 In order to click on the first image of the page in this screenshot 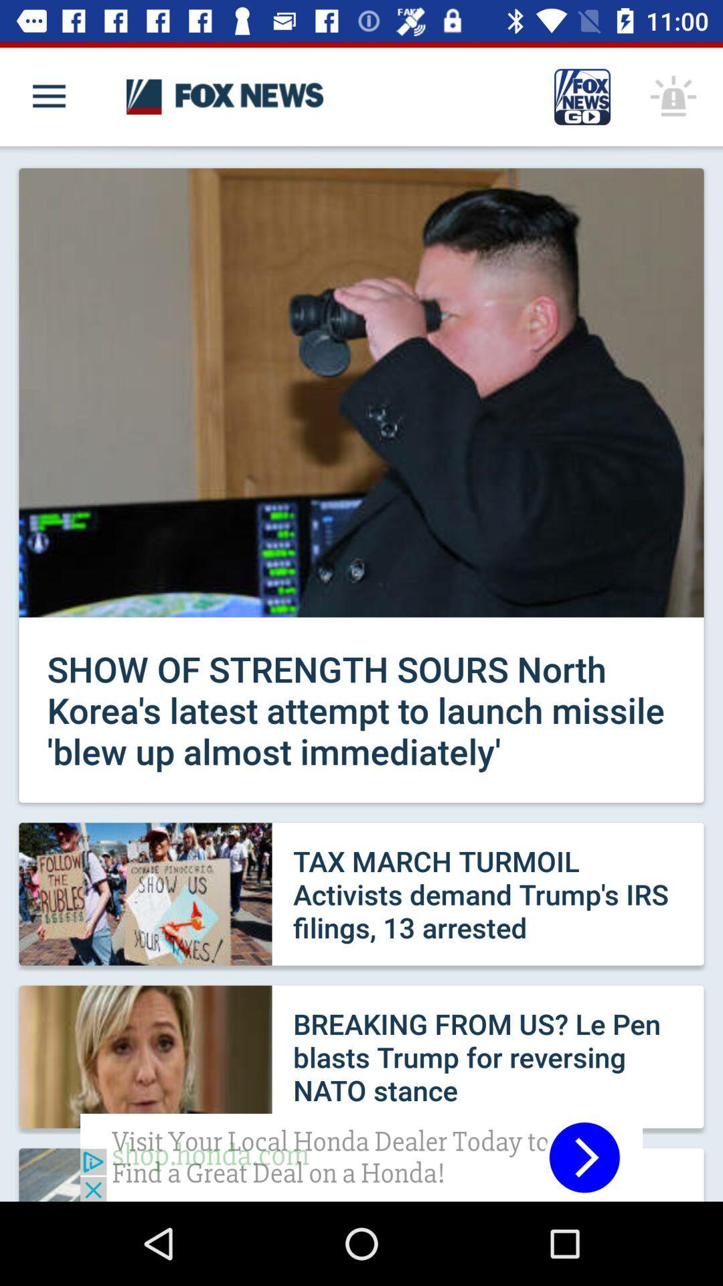, I will do `click(361, 392)`.